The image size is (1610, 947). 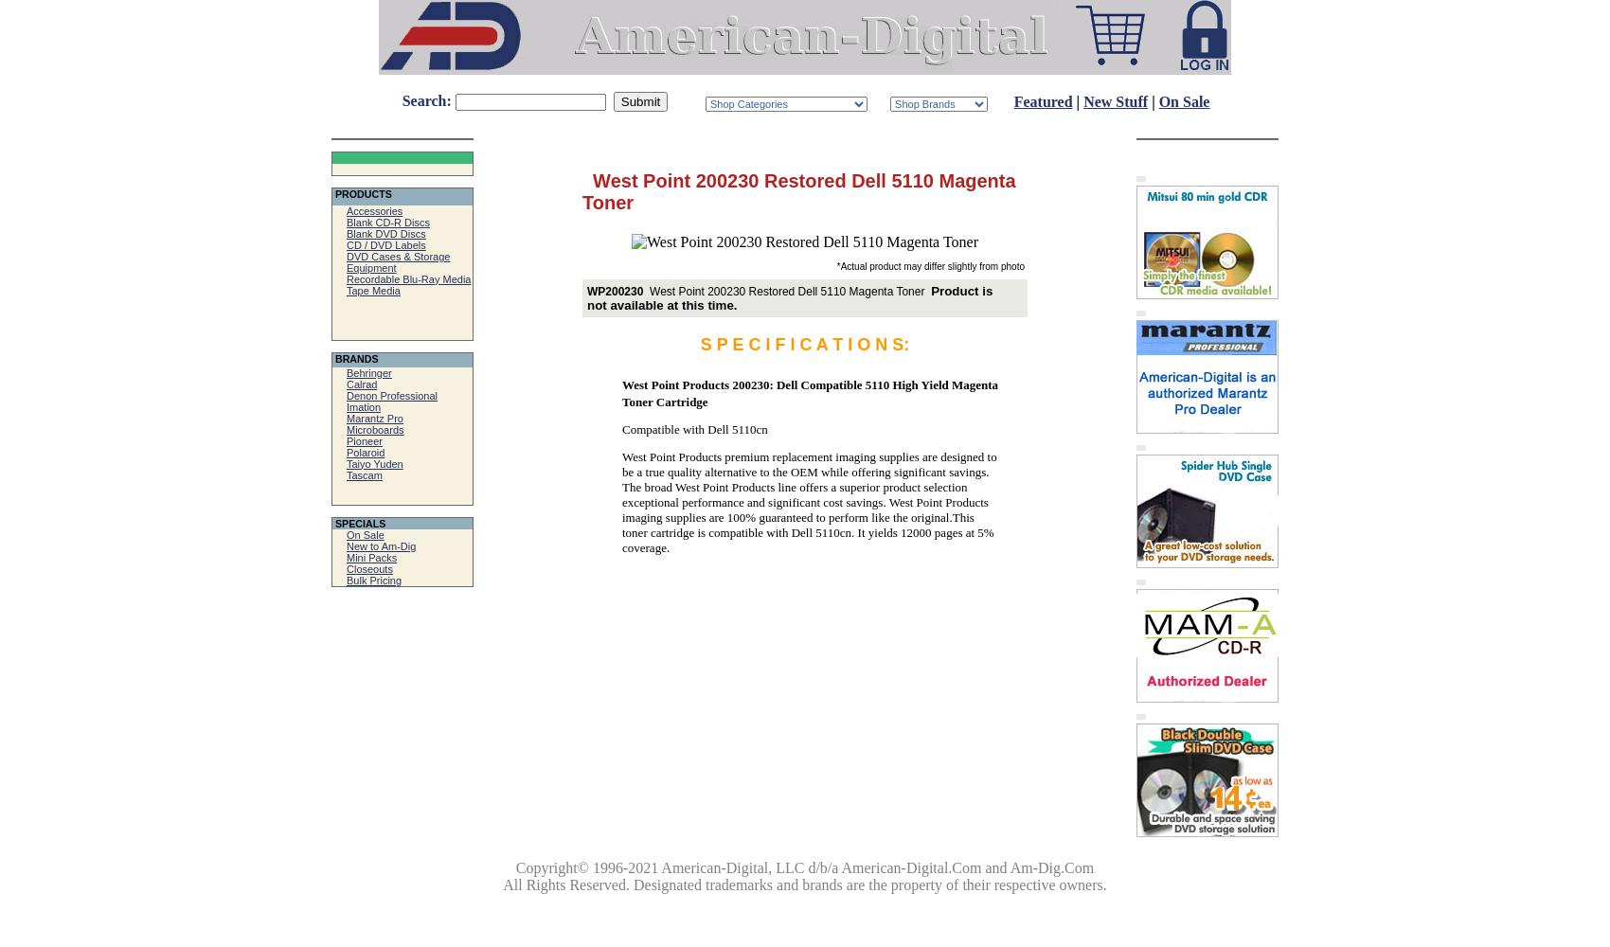 What do you see at coordinates (373, 428) in the screenshot?
I see `'Microboards'` at bounding box center [373, 428].